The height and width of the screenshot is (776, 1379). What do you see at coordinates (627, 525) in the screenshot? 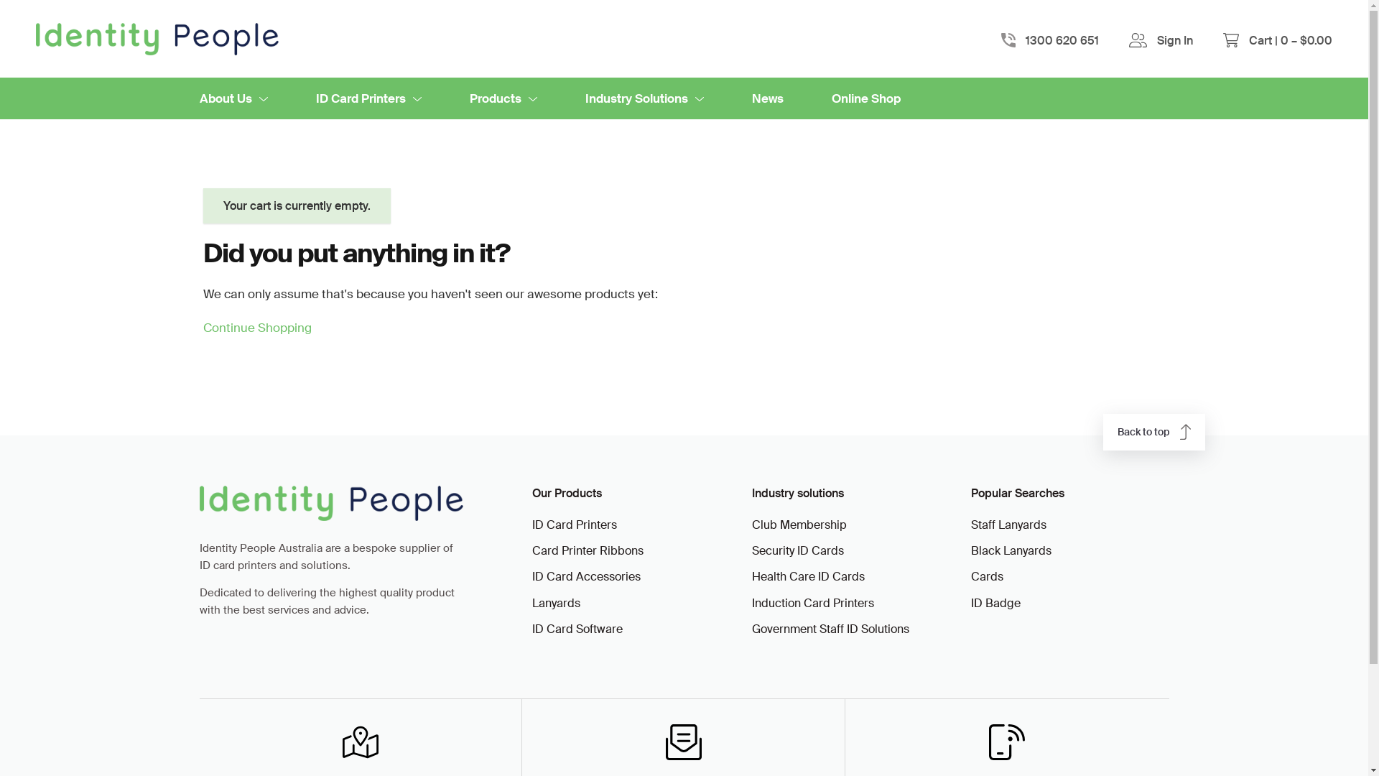
I see `'ID Card Printers'` at bounding box center [627, 525].